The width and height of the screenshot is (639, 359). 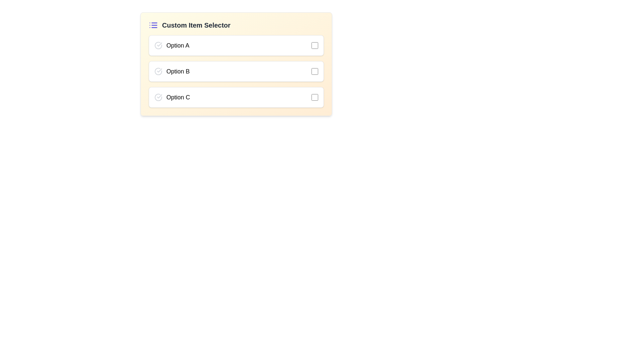 I want to click on label of the third item in the 'Custom Item Selector' list, which is a Text-Icon Label Combination located in a bordered card-like structure, so click(x=172, y=97).